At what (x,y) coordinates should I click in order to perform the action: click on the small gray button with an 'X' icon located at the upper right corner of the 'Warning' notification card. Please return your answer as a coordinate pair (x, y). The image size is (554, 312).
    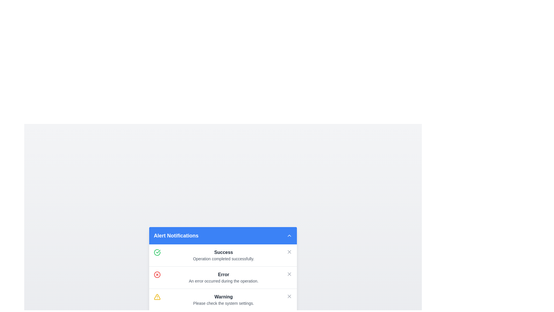
    Looking at the image, I should click on (289, 296).